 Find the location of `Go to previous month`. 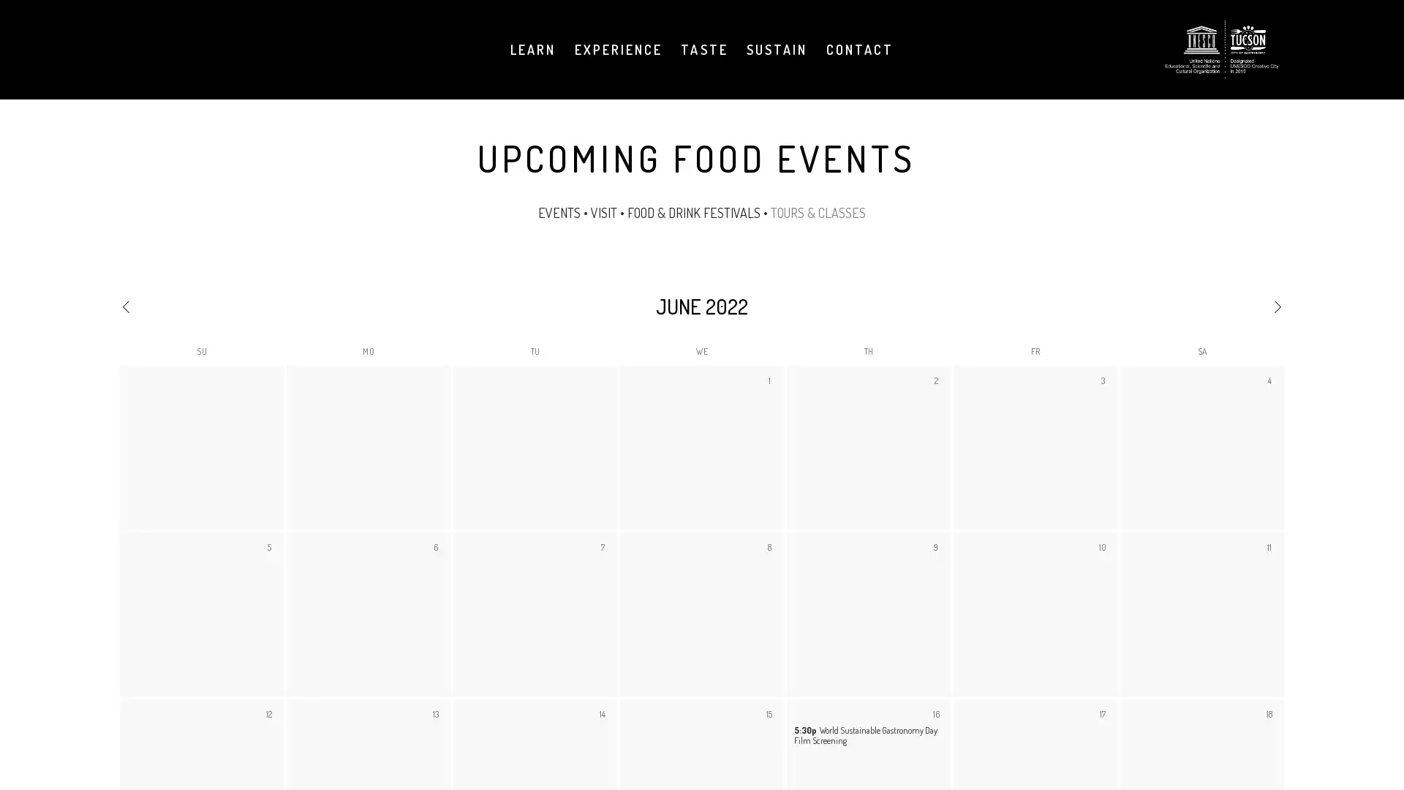

Go to previous month is located at coordinates (198, 304).